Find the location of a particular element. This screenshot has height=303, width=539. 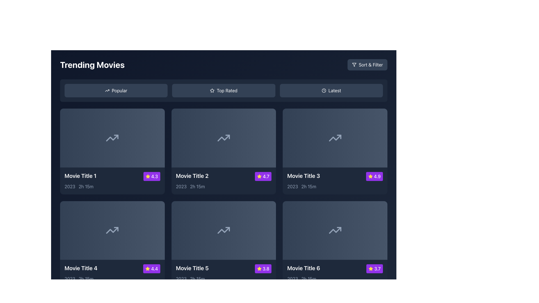

the star-shaped icon with a yellow background and purple border is located at coordinates (371, 268).